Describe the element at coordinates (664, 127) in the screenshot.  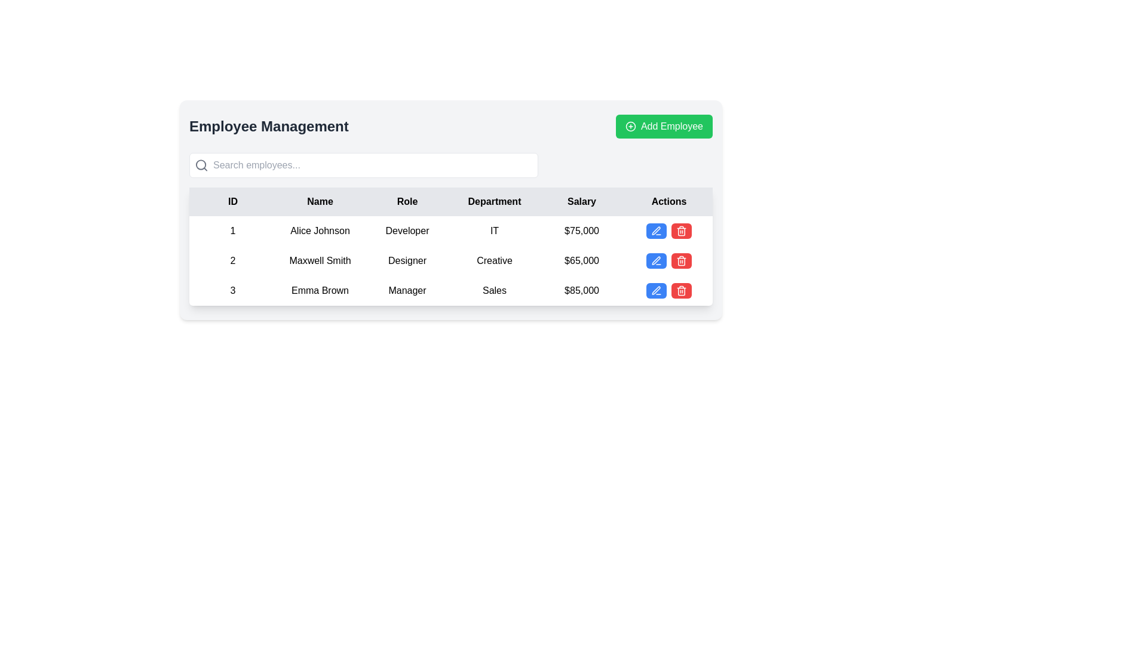
I see `the button located in the top-right corner of the 'Employee Management' section` at that location.